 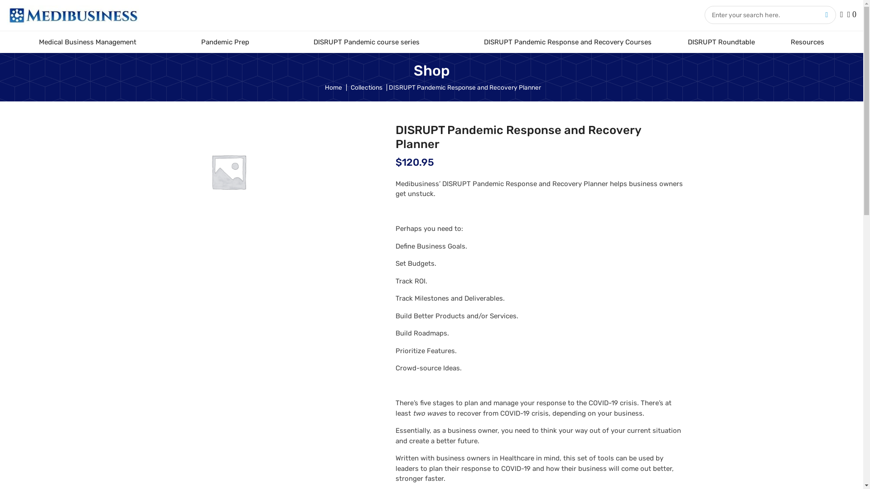 I want to click on 'Collections', so click(x=367, y=87).